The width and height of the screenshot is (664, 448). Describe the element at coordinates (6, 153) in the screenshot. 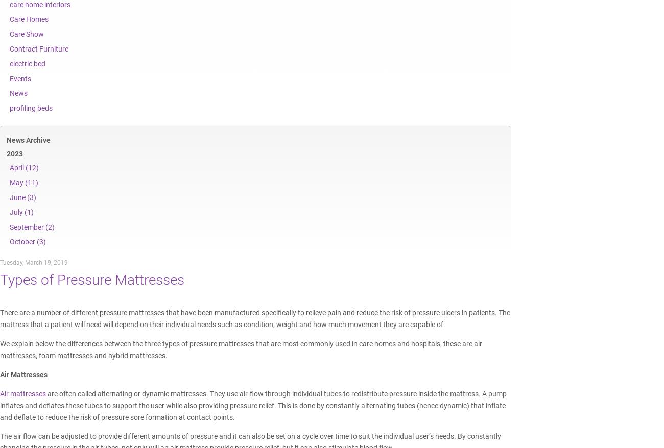

I see `'2023'` at that location.